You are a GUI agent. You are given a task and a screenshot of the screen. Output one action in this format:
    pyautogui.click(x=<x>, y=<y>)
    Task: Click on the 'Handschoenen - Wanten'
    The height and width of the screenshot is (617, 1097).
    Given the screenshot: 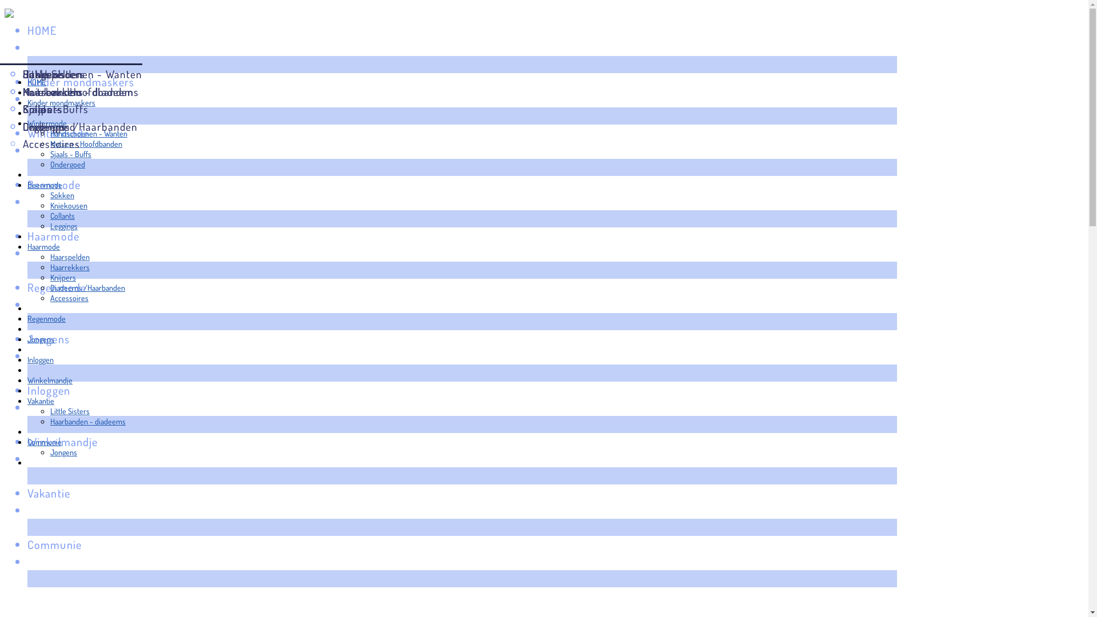 What is the action you would take?
    pyautogui.click(x=82, y=74)
    